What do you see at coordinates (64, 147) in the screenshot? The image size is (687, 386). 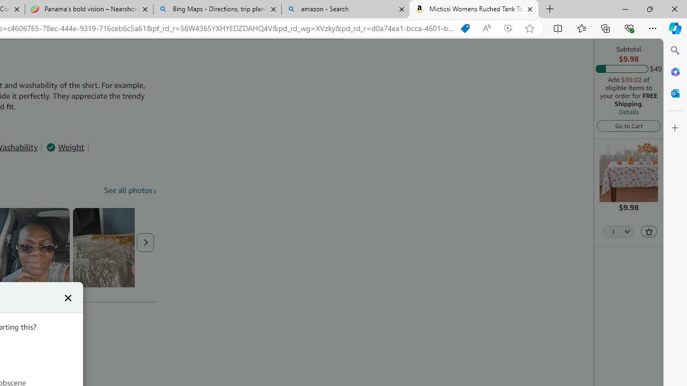 I see `'Weight'` at bounding box center [64, 147].